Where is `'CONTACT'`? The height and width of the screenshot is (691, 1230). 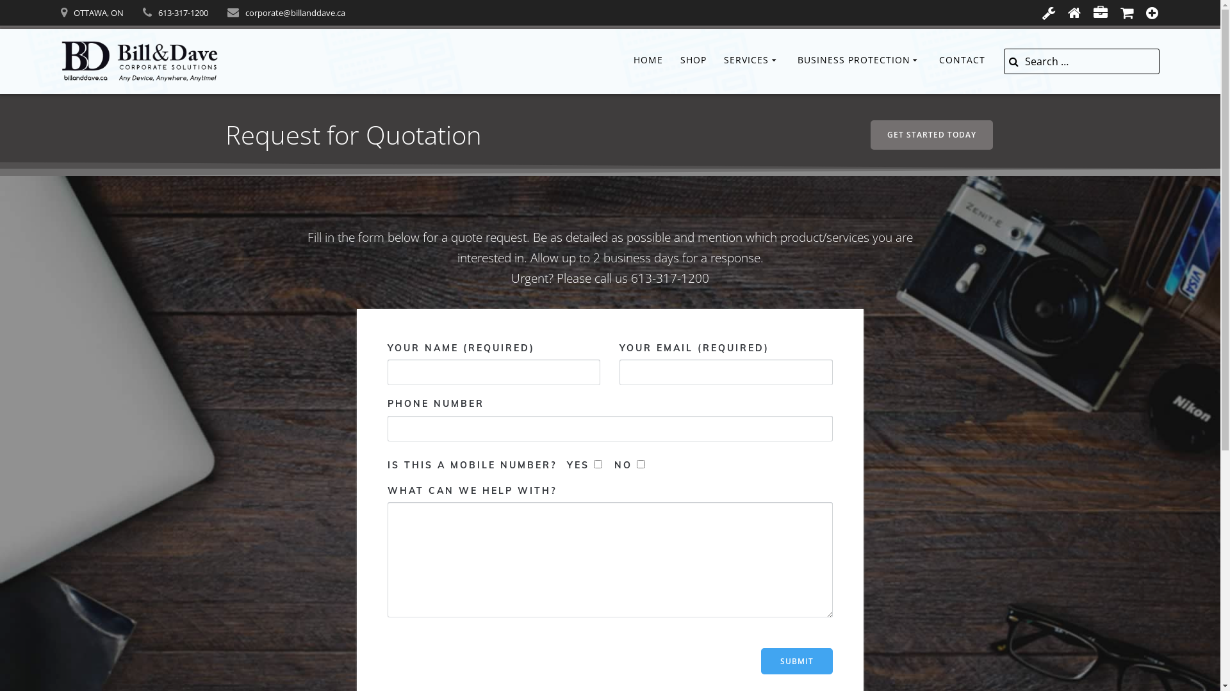
'CONTACT' is located at coordinates (962, 61).